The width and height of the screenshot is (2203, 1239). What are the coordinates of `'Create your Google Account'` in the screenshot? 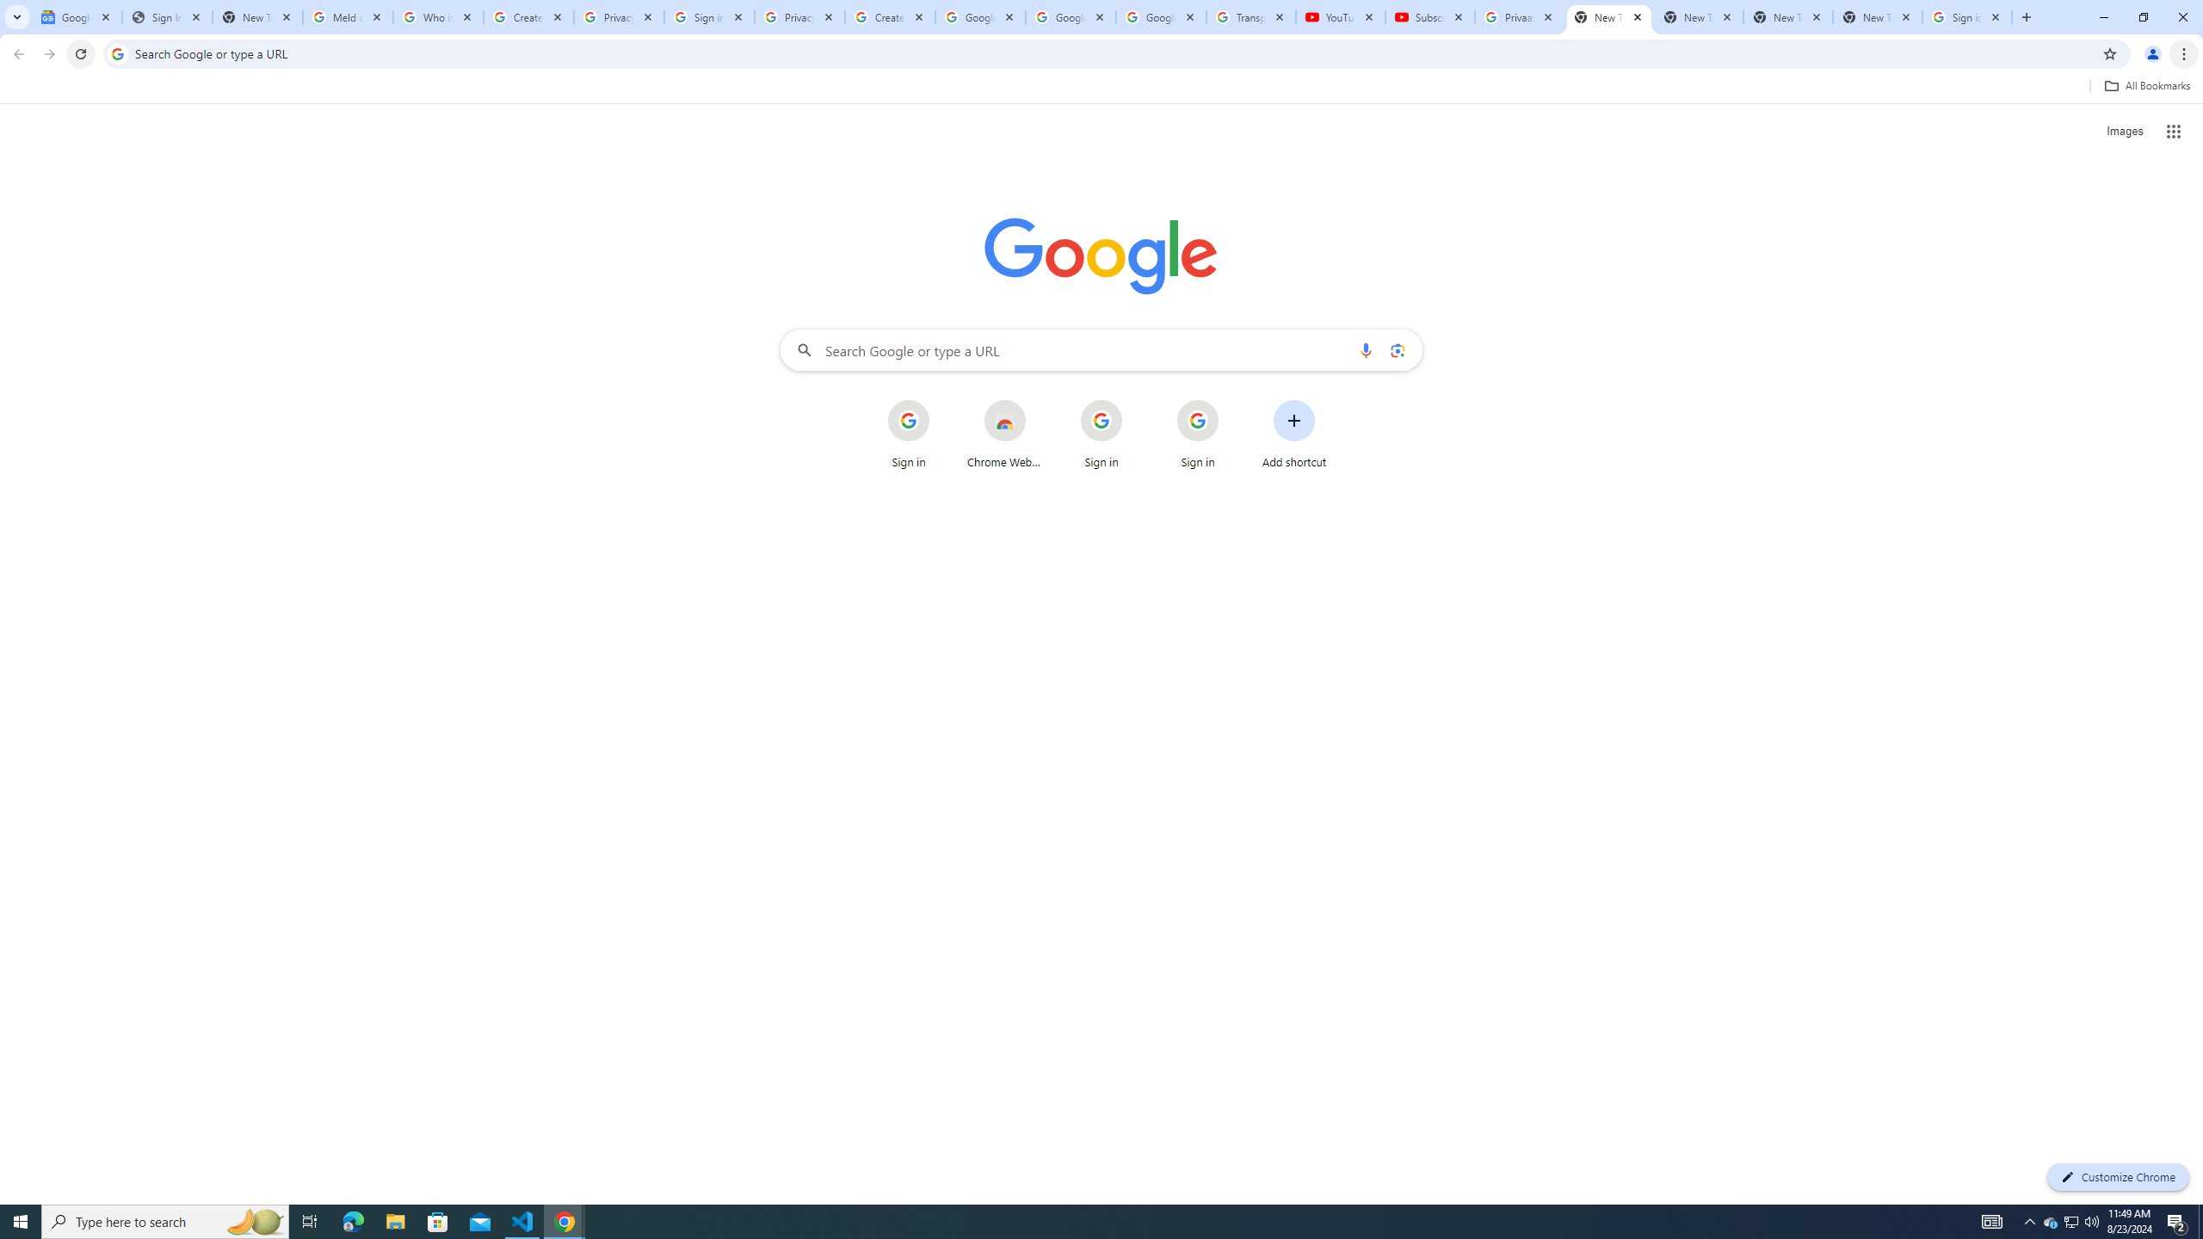 It's located at (890, 16).